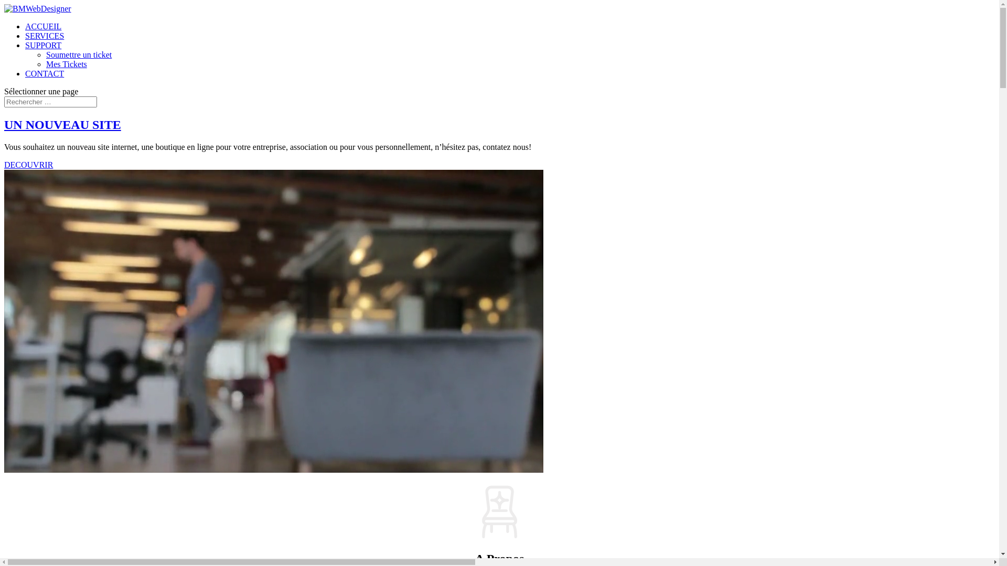  Describe the element at coordinates (62, 124) in the screenshot. I see `'UN NOUVEAU SITE'` at that location.